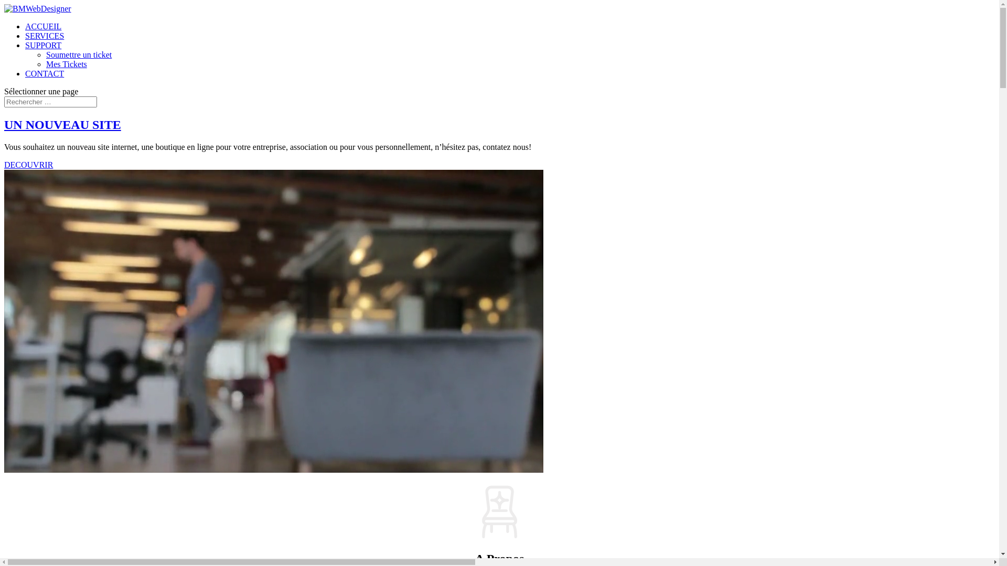  Describe the element at coordinates (62, 124) in the screenshot. I see `'UN NOUVEAU SITE'` at that location.